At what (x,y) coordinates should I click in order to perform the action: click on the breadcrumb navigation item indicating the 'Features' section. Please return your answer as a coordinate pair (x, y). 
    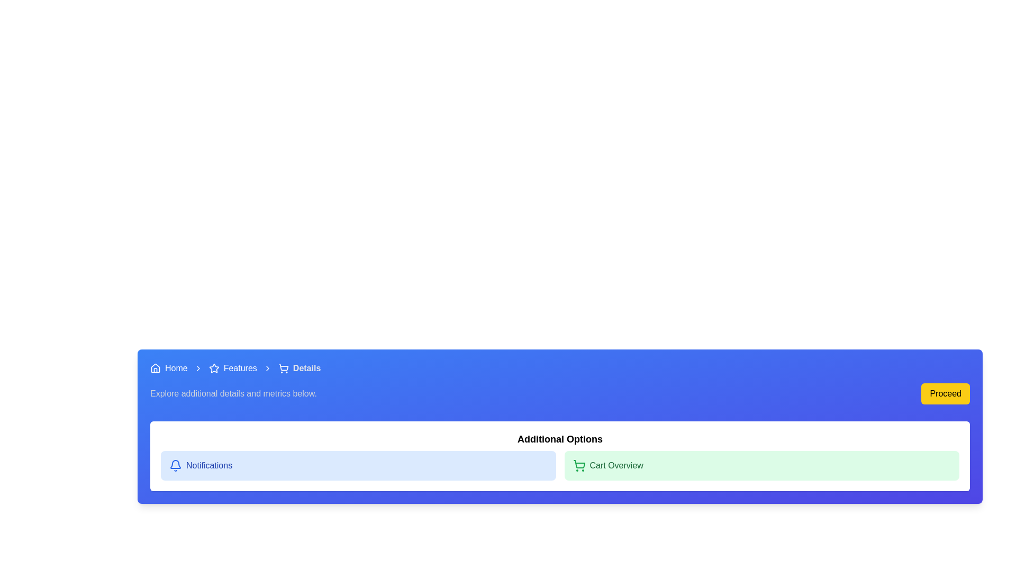
    Looking at the image, I should click on (232, 368).